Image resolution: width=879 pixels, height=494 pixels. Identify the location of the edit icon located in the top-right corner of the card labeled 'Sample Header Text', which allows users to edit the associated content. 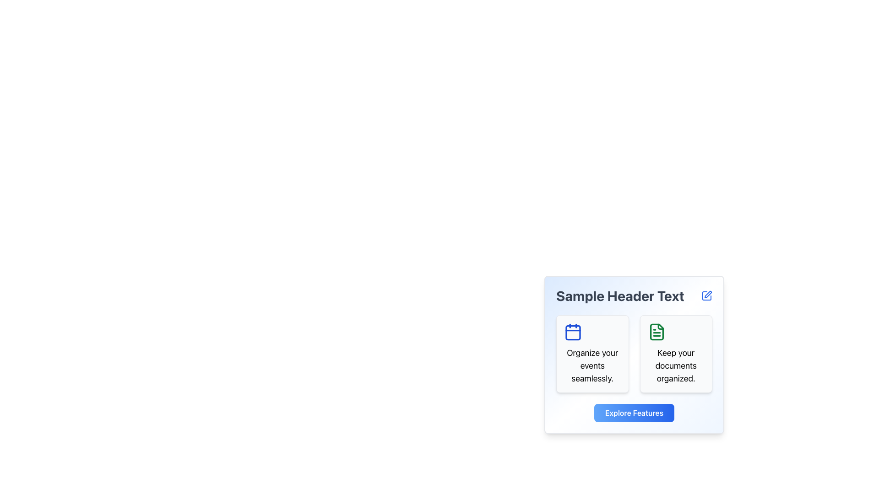
(706, 296).